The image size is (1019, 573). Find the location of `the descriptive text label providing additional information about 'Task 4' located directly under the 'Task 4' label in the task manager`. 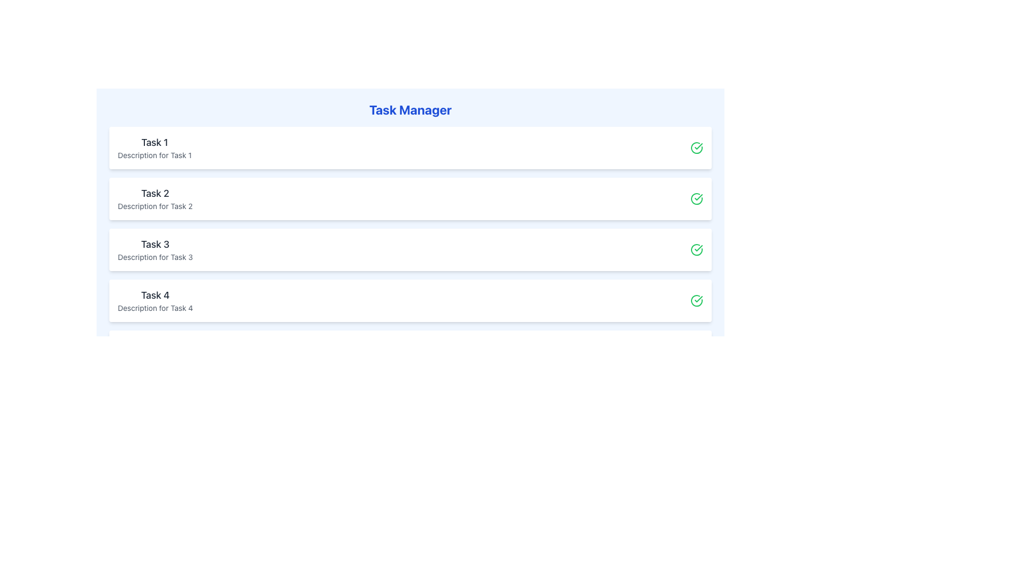

the descriptive text label providing additional information about 'Task 4' located directly under the 'Task 4' label in the task manager is located at coordinates (154, 308).